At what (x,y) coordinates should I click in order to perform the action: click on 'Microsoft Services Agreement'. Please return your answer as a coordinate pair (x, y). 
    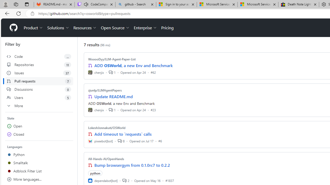
    Looking at the image, I should click on (258, 4).